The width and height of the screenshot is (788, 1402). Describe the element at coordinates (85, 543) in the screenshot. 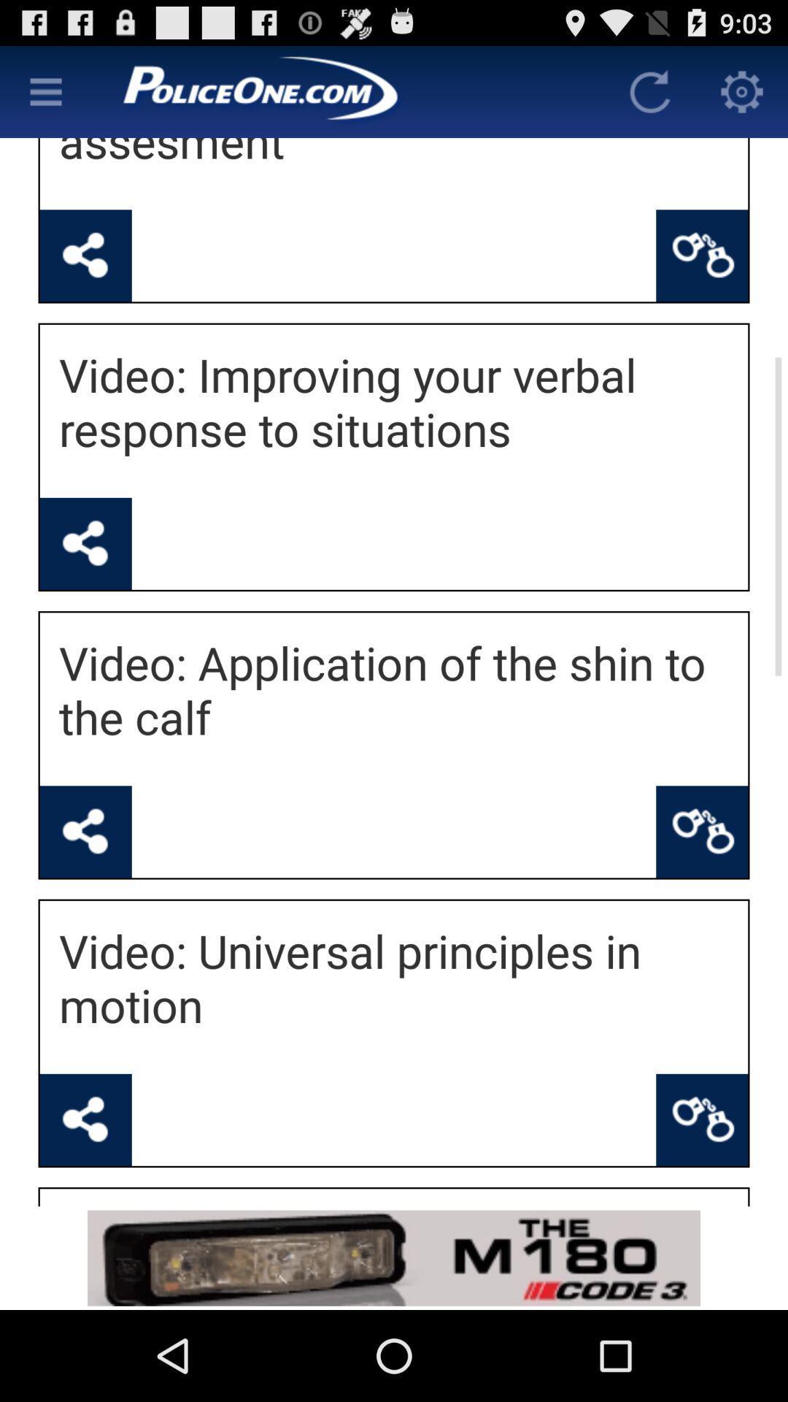

I see `share video` at that location.